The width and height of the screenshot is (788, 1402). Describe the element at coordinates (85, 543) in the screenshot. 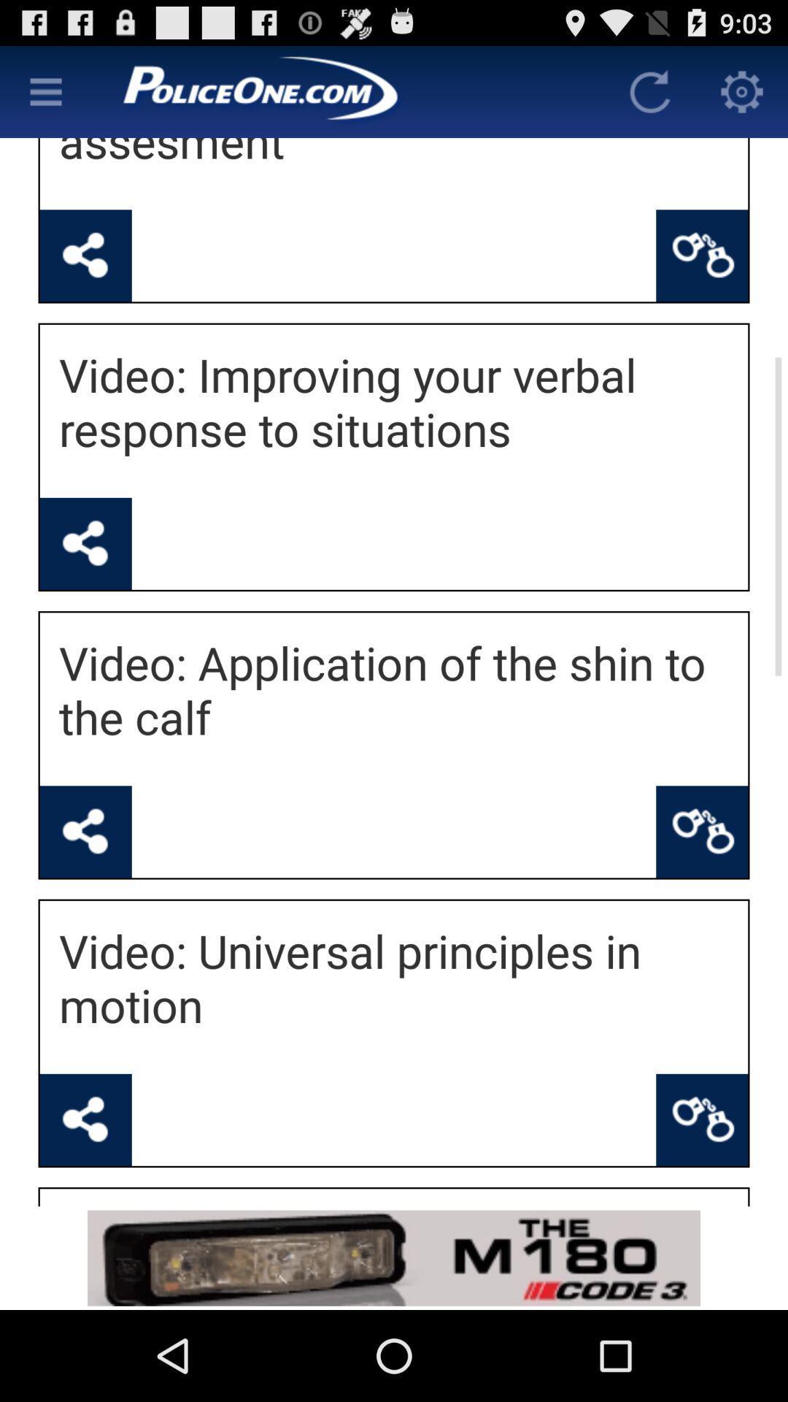

I see `share video` at that location.